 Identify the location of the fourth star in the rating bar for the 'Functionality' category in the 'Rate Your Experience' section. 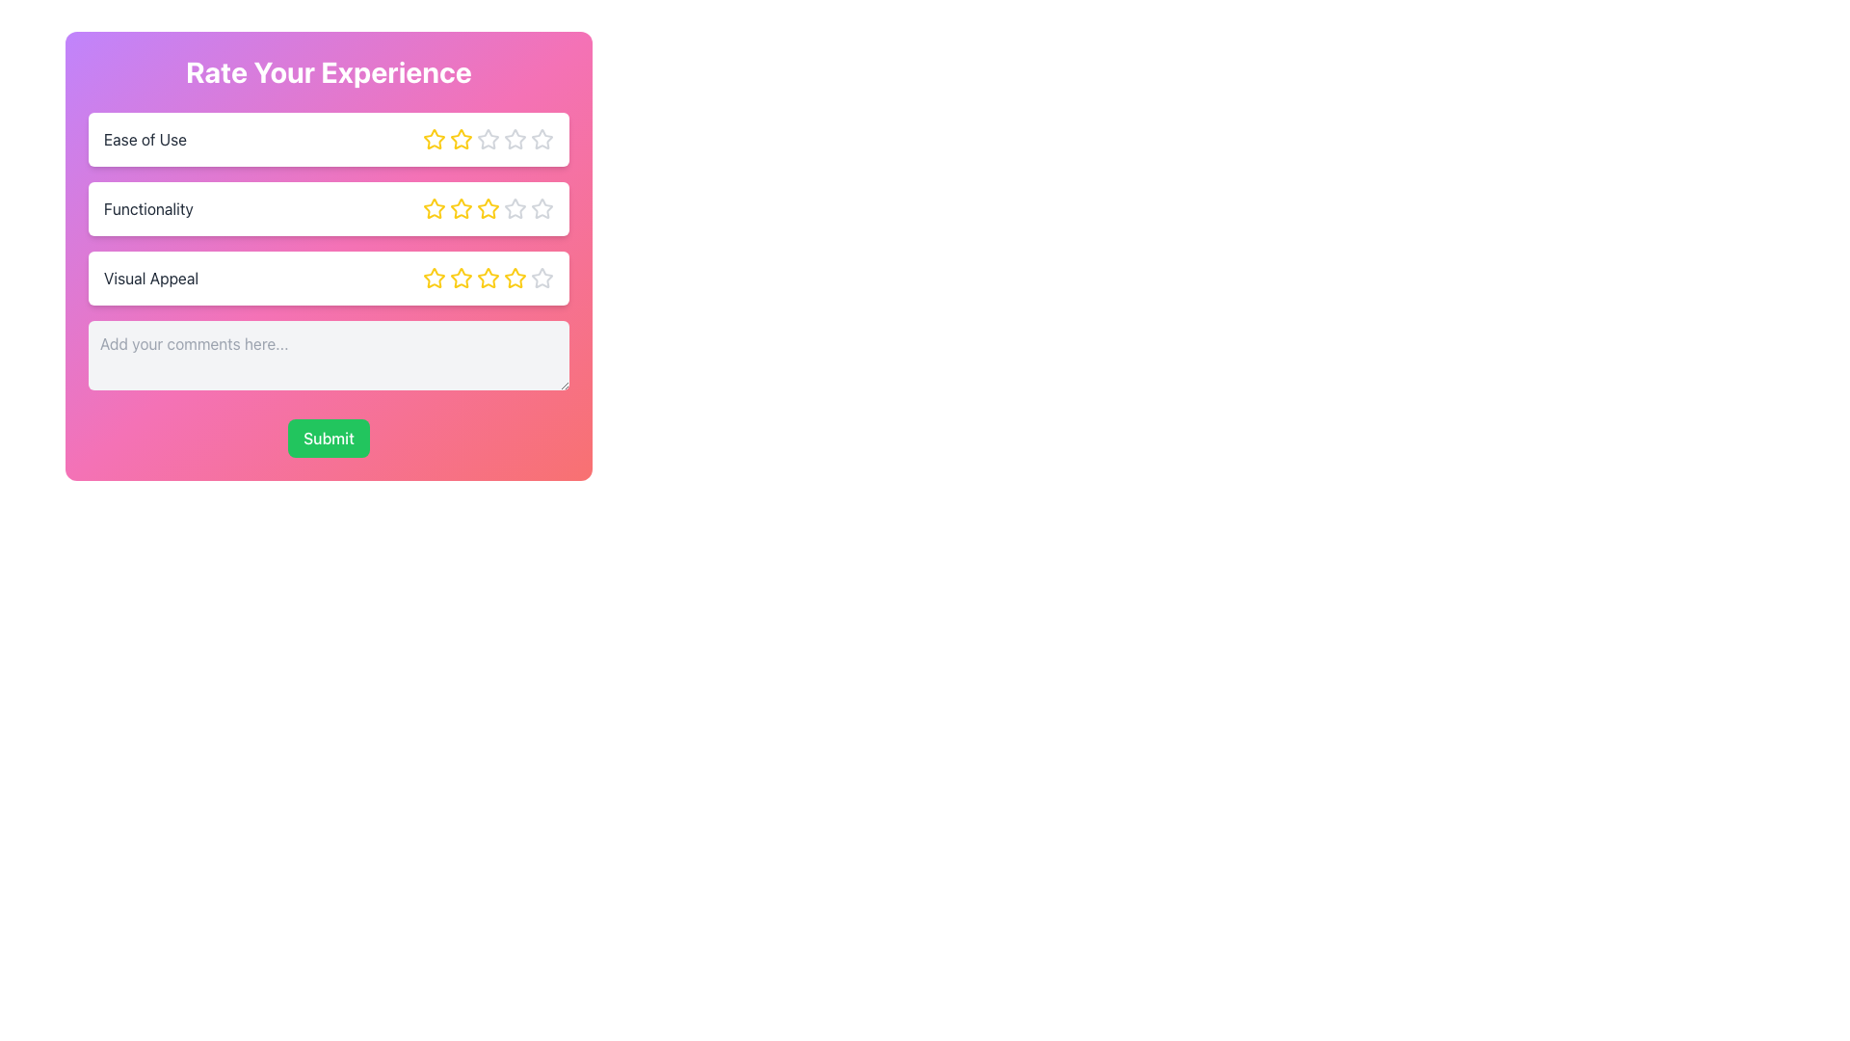
(515, 208).